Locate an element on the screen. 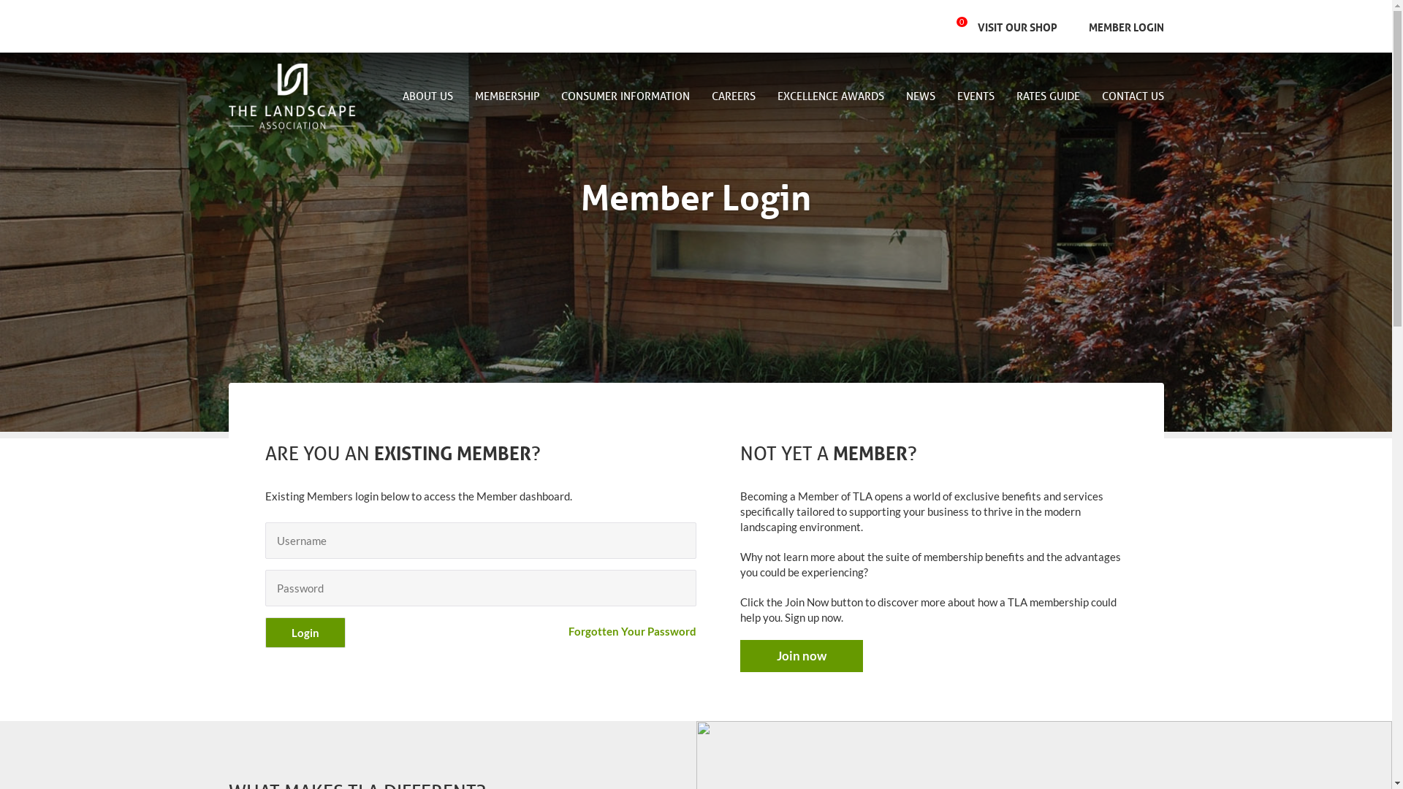  'CONTACT US' is located at coordinates (1125, 96).